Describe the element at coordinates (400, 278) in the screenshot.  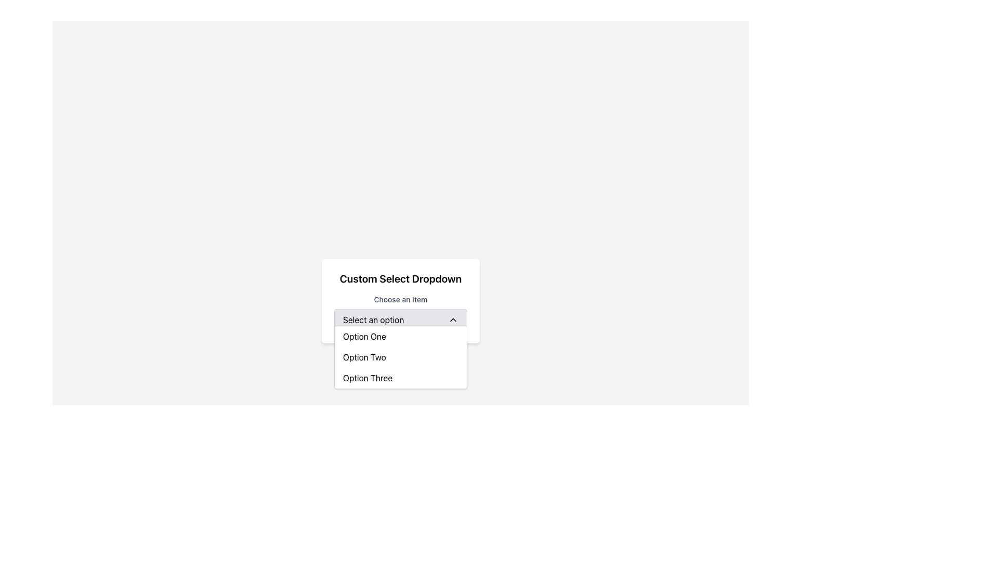
I see `text header labeled 'Custom Select Dropdown' which is styled in bold, large font and centered above the dropdown component` at that location.